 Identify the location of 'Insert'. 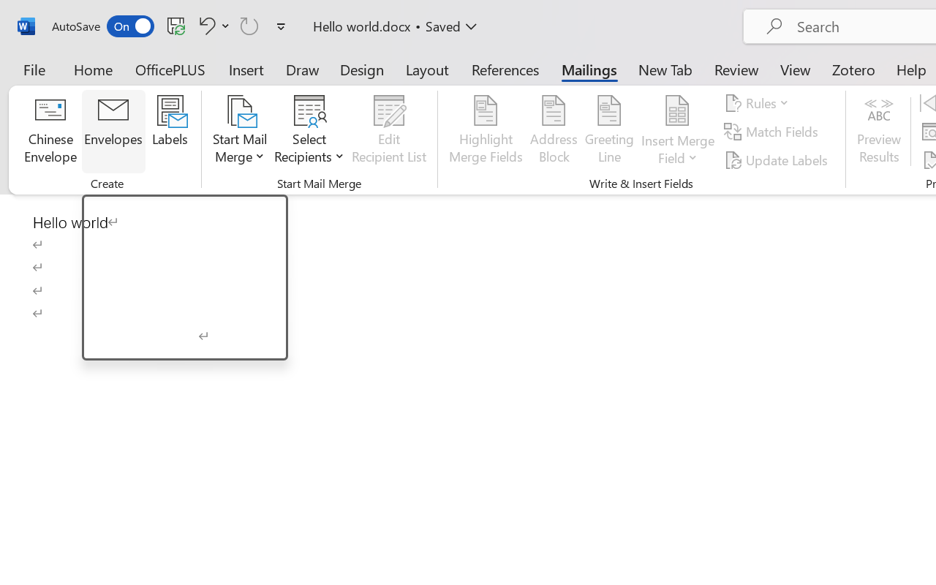
(246, 69).